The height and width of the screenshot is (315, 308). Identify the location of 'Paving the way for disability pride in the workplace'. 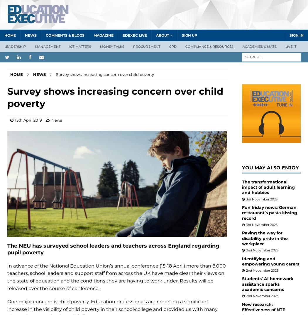
(265, 238).